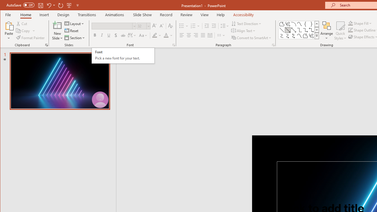 This screenshot has width=377, height=212. What do you see at coordinates (294, 36) in the screenshot?
I see `'Connector: Curved Double-Arrow'` at bounding box center [294, 36].